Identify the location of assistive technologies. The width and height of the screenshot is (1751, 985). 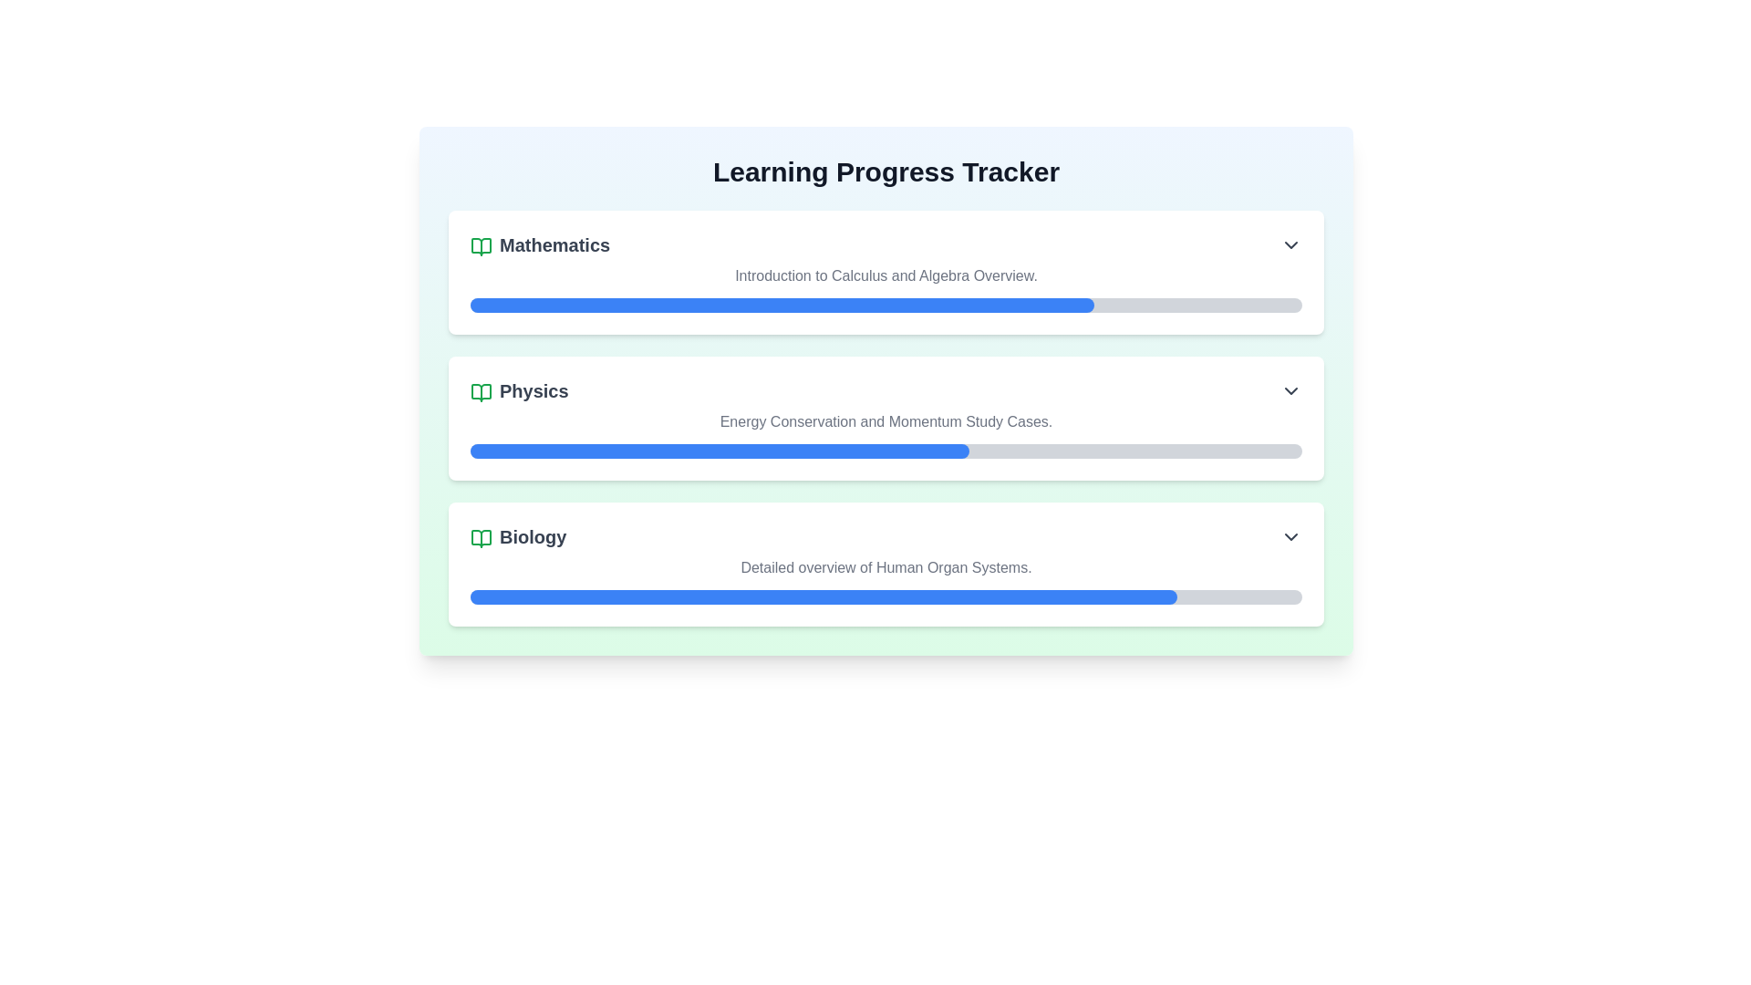
(886, 451).